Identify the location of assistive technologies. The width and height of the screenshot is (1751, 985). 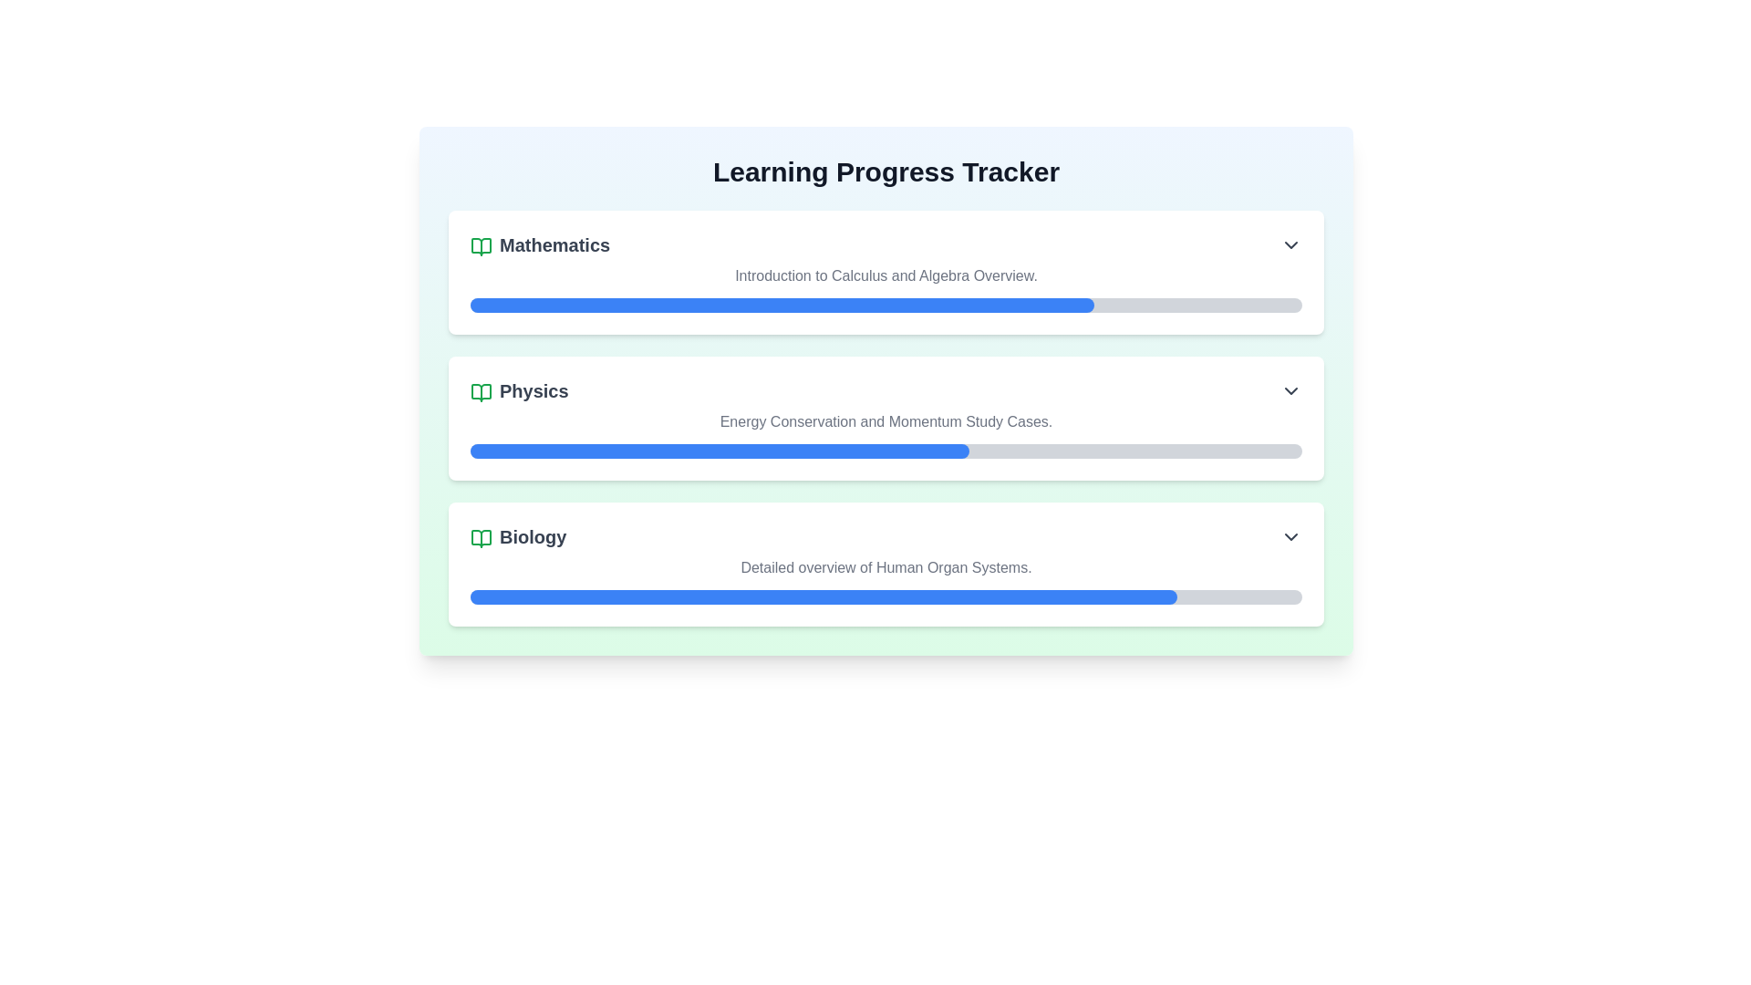
(886, 451).